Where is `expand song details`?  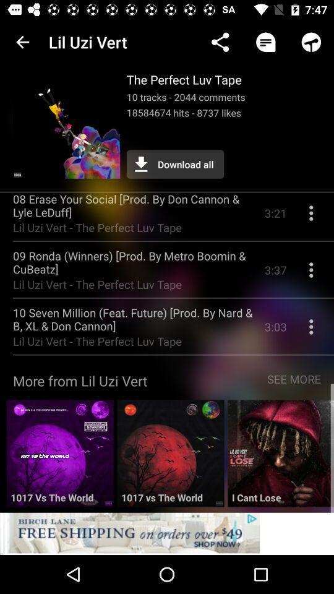
expand song details is located at coordinates (310, 330).